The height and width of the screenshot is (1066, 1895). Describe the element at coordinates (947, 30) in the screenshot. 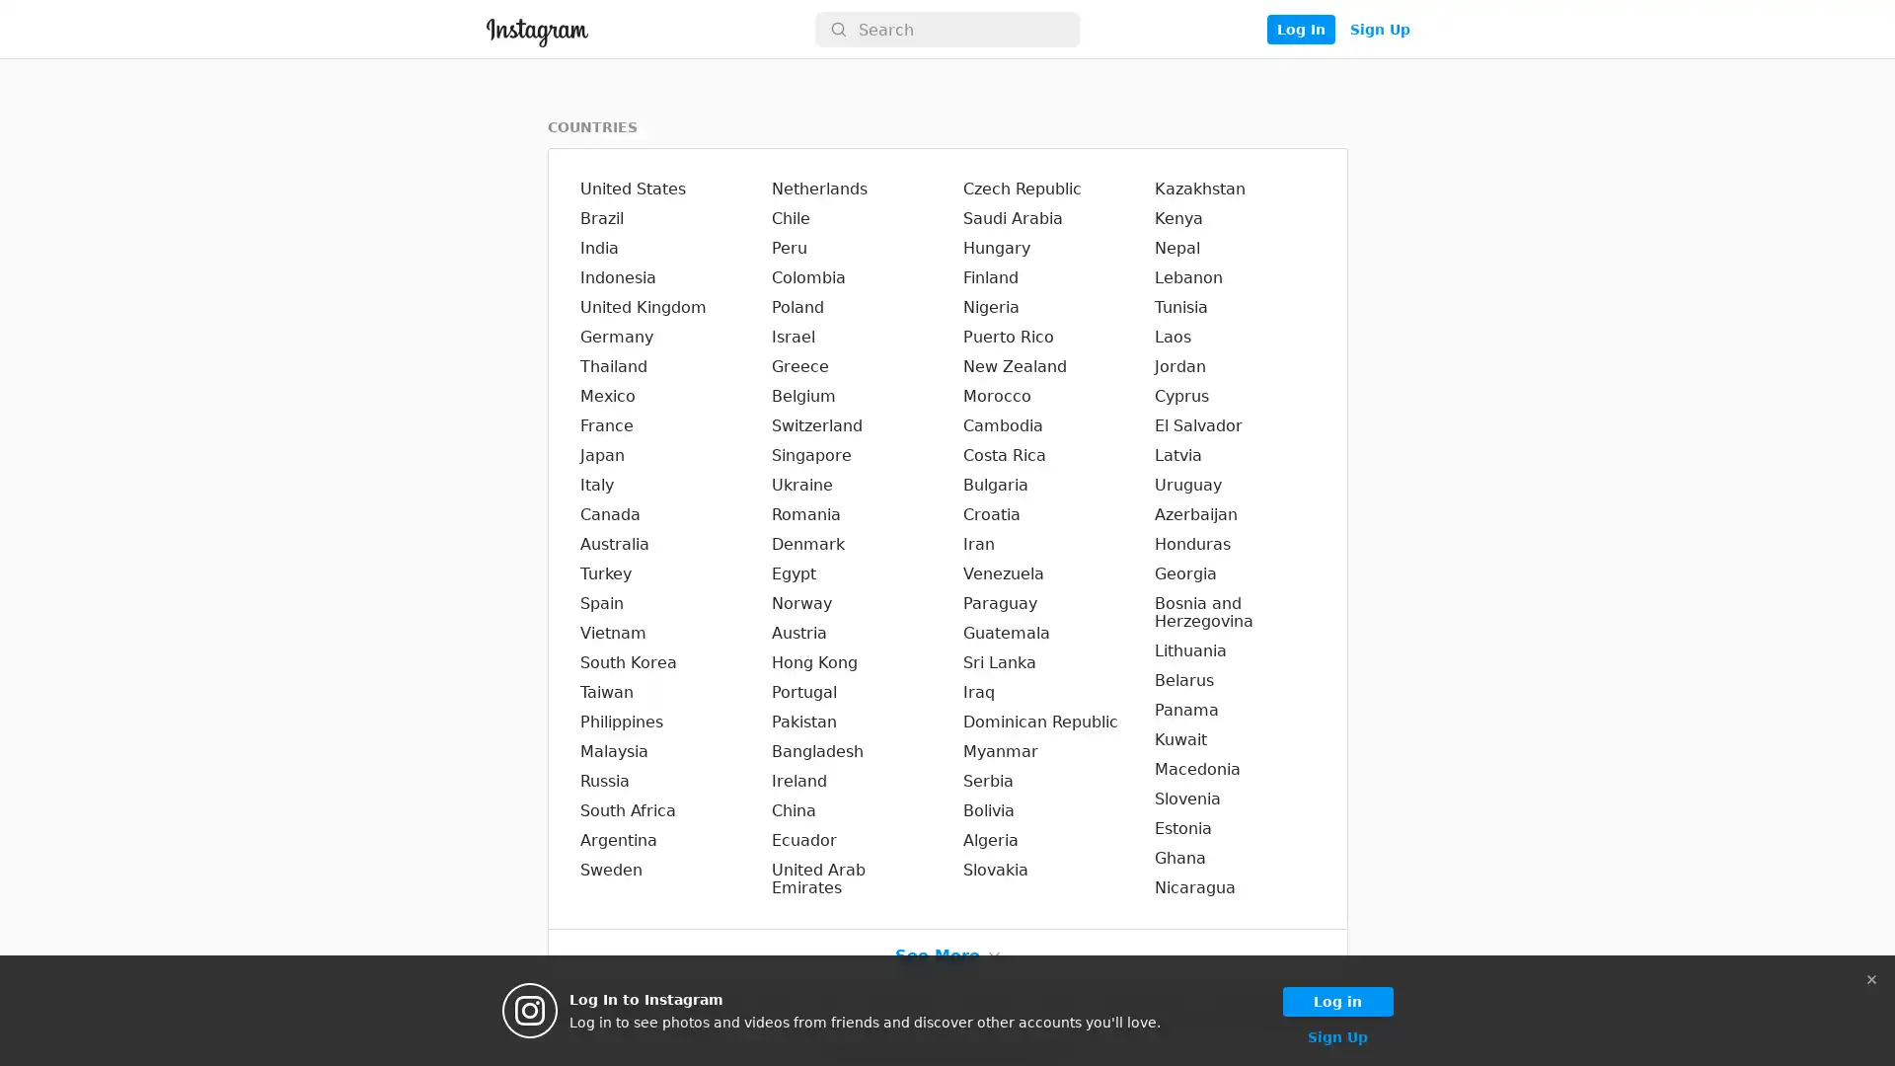

I see `Search Search` at that location.